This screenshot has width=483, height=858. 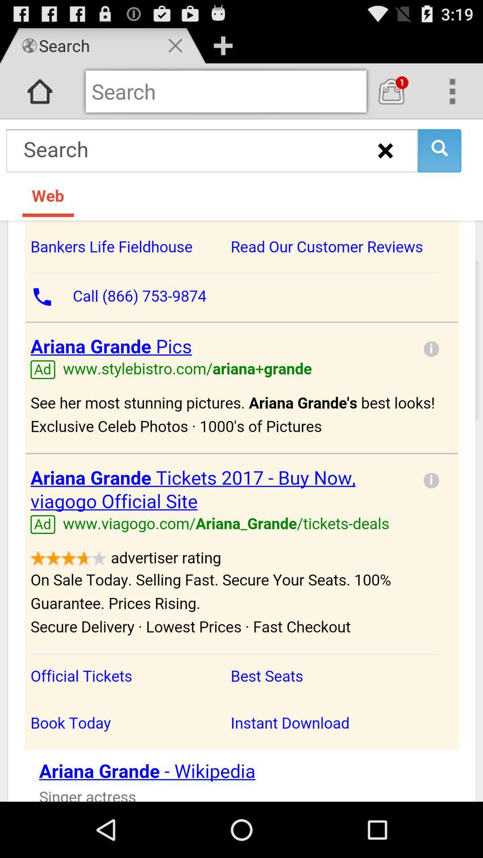 I want to click on the more icon, so click(x=452, y=98).